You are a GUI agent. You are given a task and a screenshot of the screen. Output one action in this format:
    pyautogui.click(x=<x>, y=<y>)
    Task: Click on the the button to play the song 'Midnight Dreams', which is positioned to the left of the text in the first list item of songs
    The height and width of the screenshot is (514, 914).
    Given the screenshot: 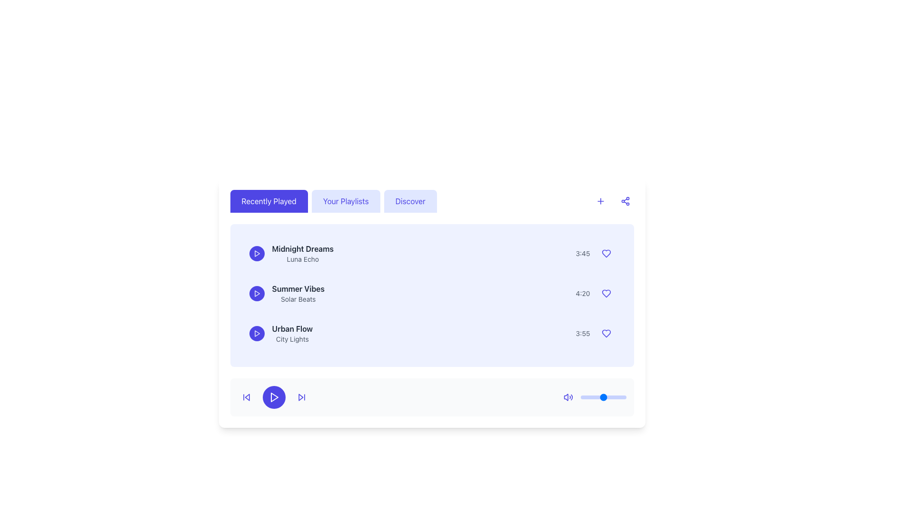 What is the action you would take?
    pyautogui.click(x=257, y=253)
    